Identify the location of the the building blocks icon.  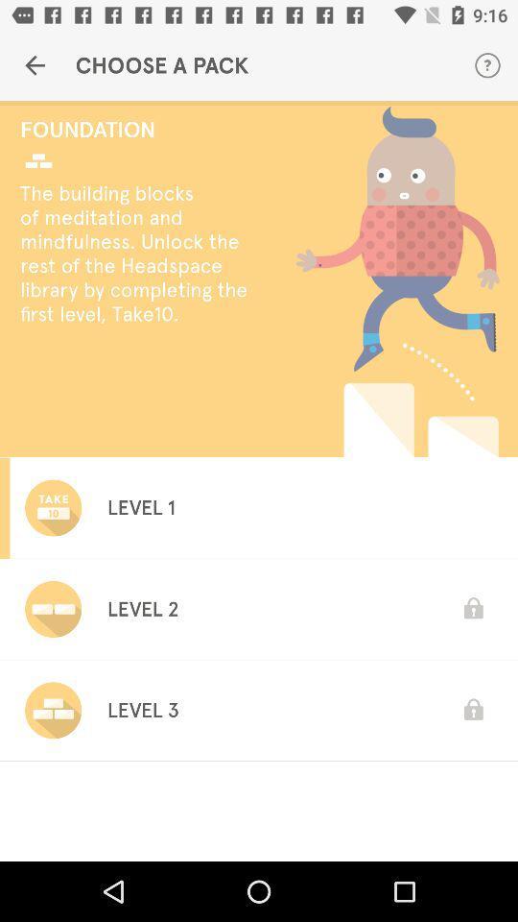
(138, 253).